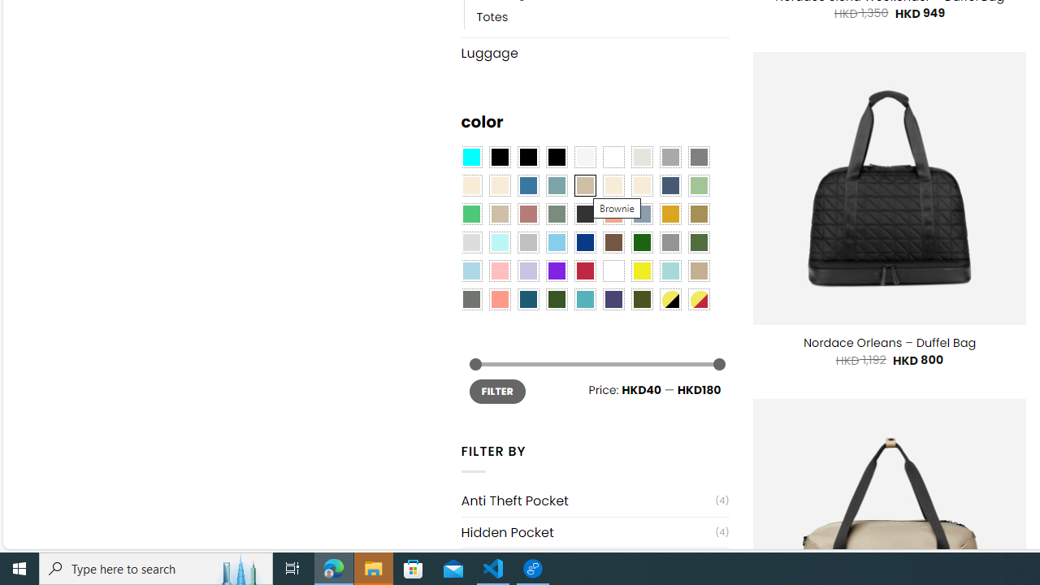  I want to click on 'Green', so click(699, 242).